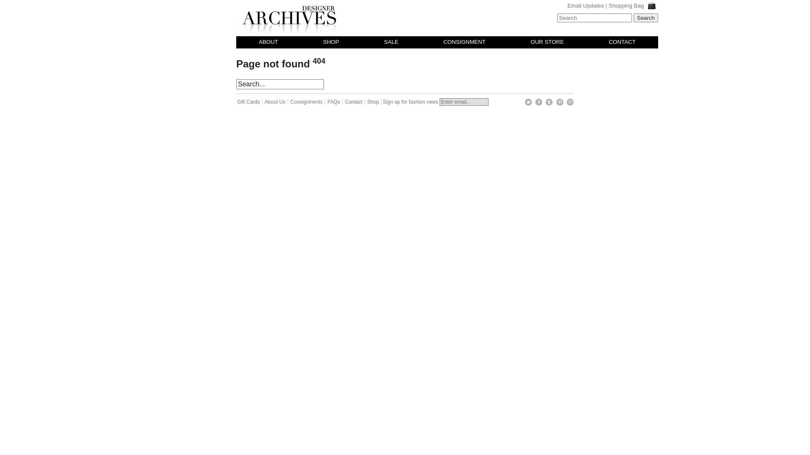 The width and height of the screenshot is (810, 455). What do you see at coordinates (267, 42) in the screenshot?
I see `'ABOUT'` at bounding box center [267, 42].